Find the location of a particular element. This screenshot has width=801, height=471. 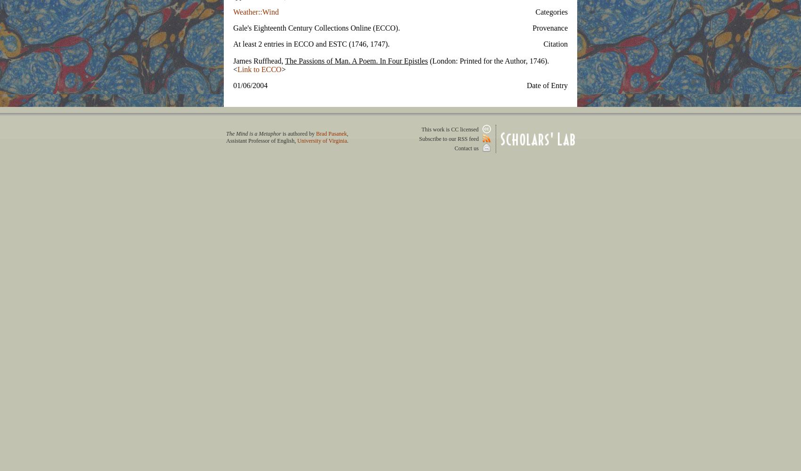

'This work is CC licensed' is located at coordinates (450, 129).